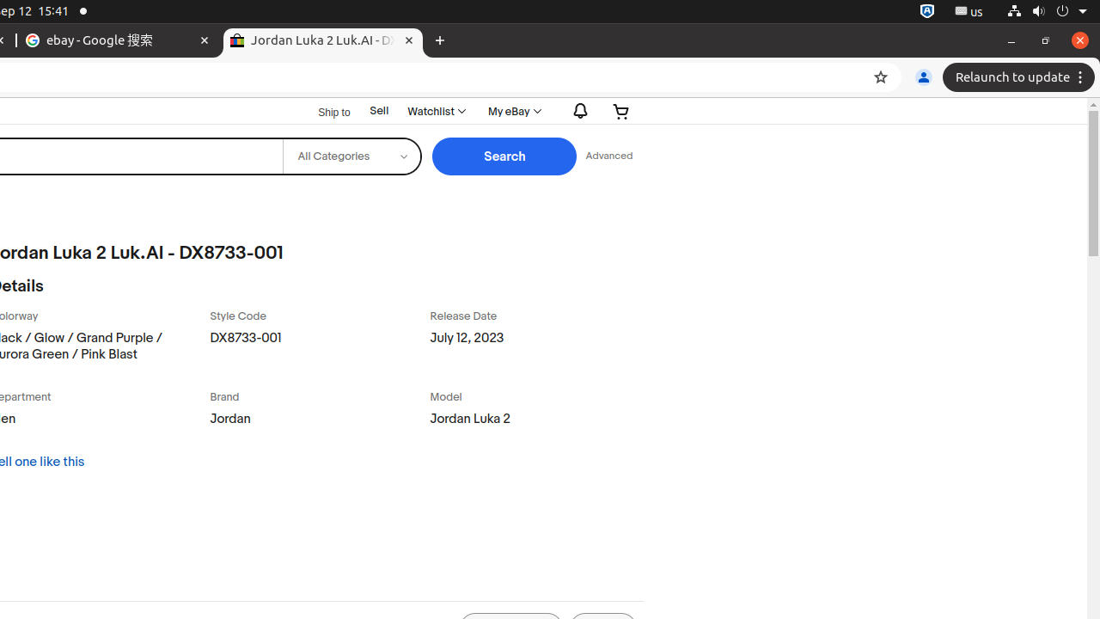  What do you see at coordinates (881, 77) in the screenshot?
I see `'Bookmark this tab'` at bounding box center [881, 77].